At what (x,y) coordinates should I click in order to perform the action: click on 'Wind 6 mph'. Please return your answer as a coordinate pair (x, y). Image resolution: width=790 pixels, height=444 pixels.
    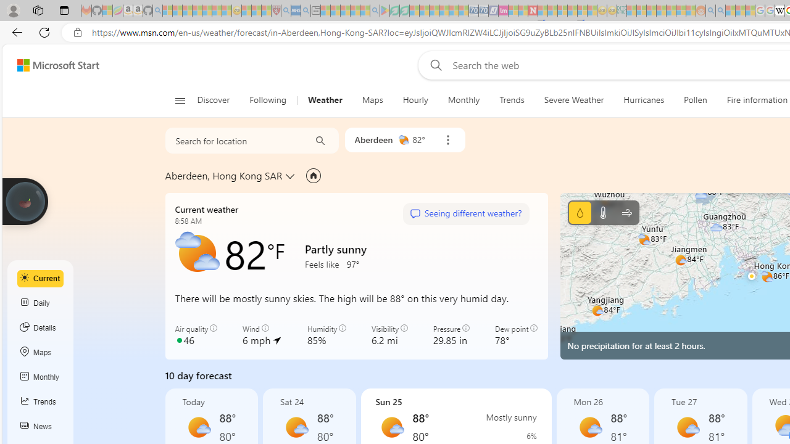
    Looking at the image, I should click on (261, 335).